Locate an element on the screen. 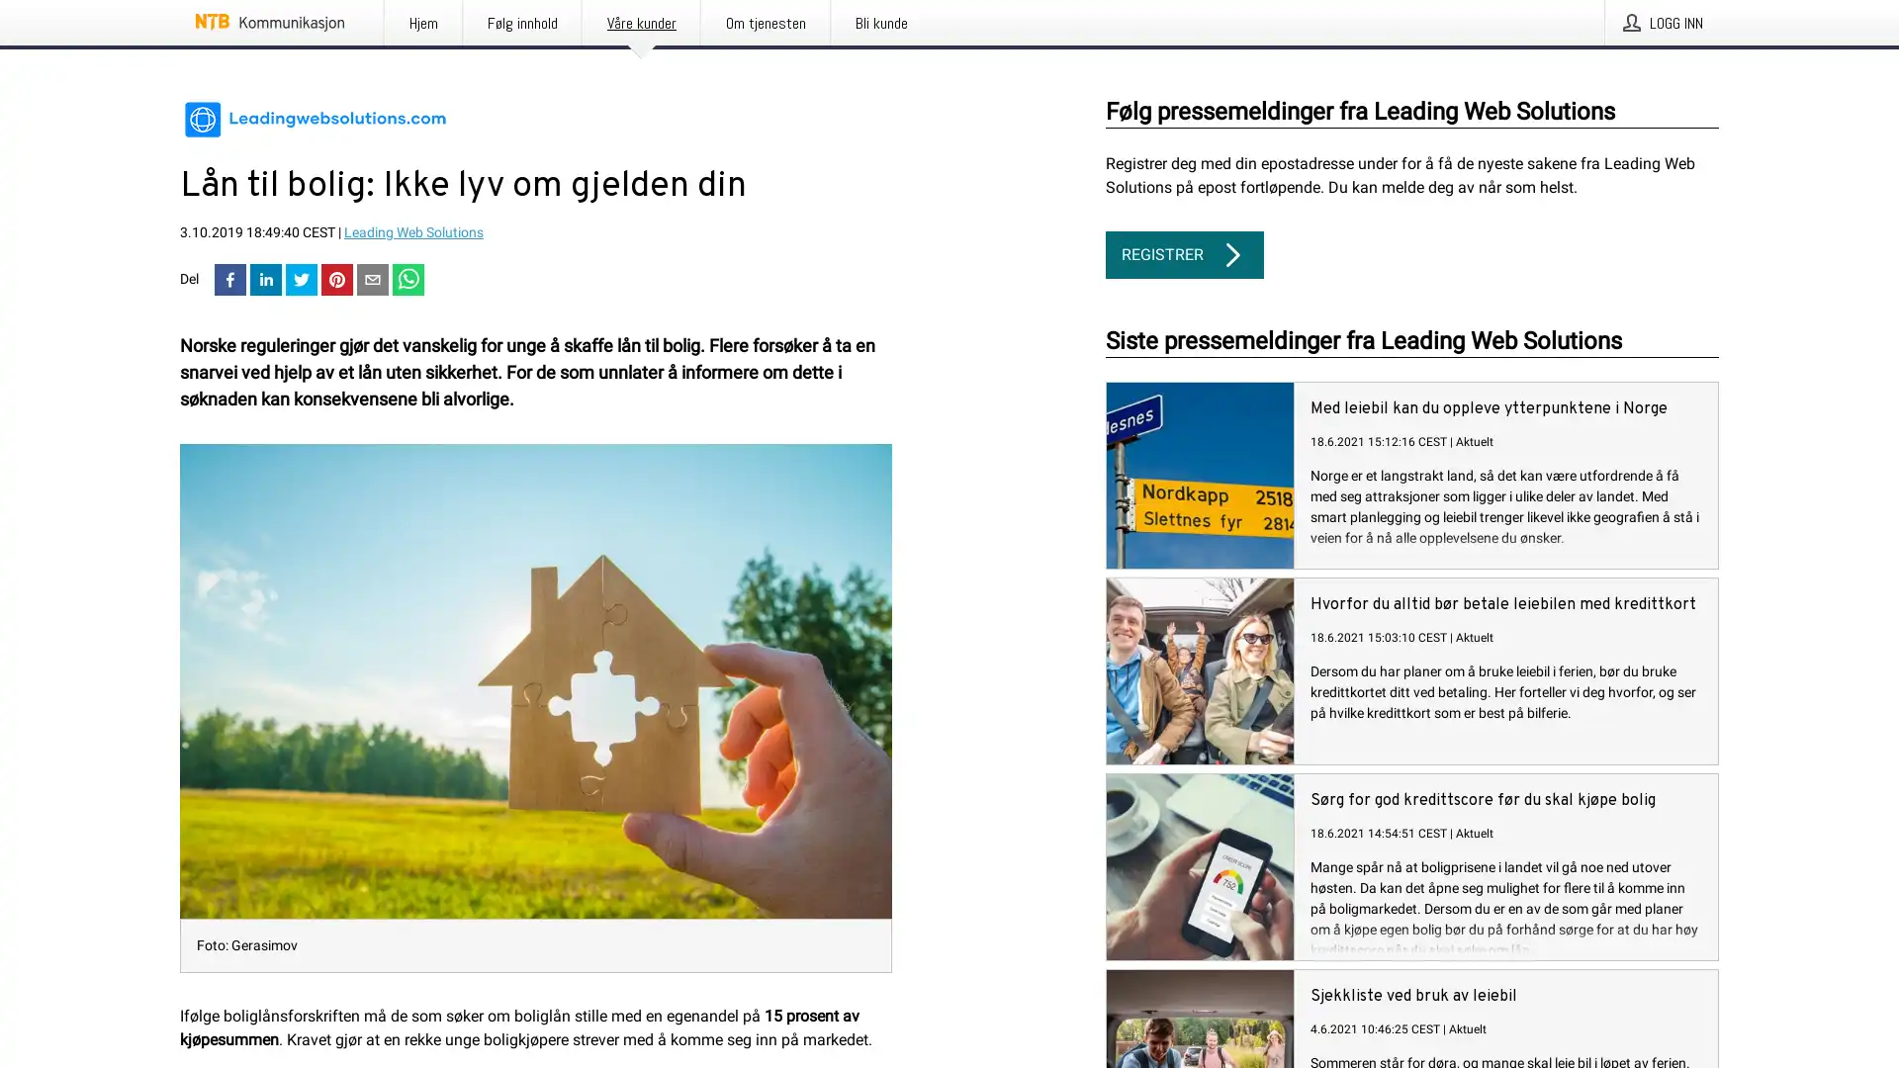 Image resolution: width=1899 pixels, height=1068 pixels. linkedin is located at coordinates (264, 282).